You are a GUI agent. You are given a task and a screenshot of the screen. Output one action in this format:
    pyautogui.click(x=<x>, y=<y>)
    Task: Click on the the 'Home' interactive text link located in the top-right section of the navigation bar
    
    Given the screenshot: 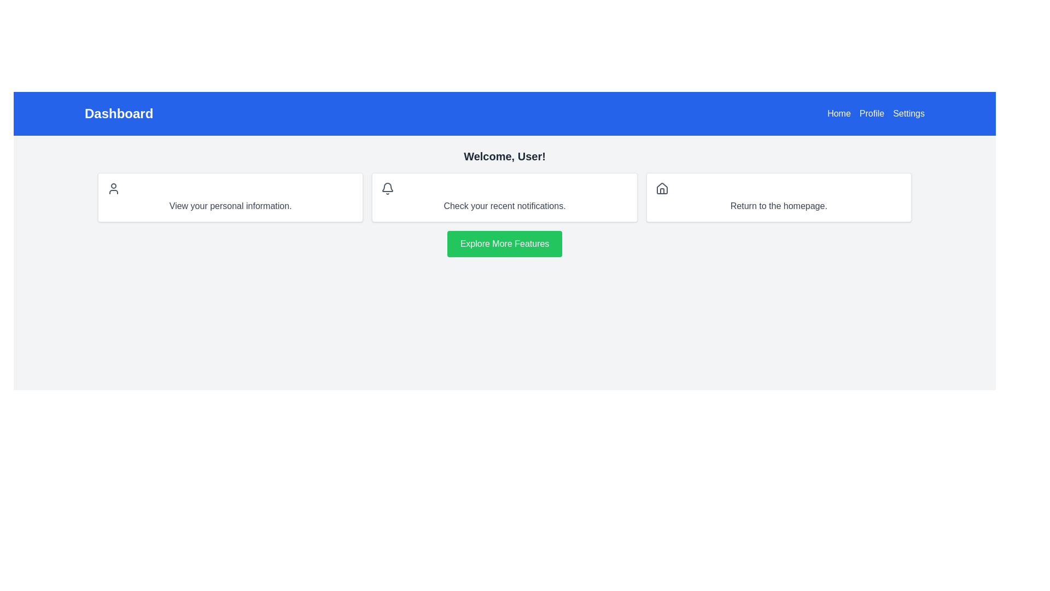 What is the action you would take?
    pyautogui.click(x=838, y=114)
    